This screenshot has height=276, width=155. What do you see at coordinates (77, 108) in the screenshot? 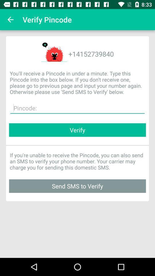
I see `pincode option` at bounding box center [77, 108].